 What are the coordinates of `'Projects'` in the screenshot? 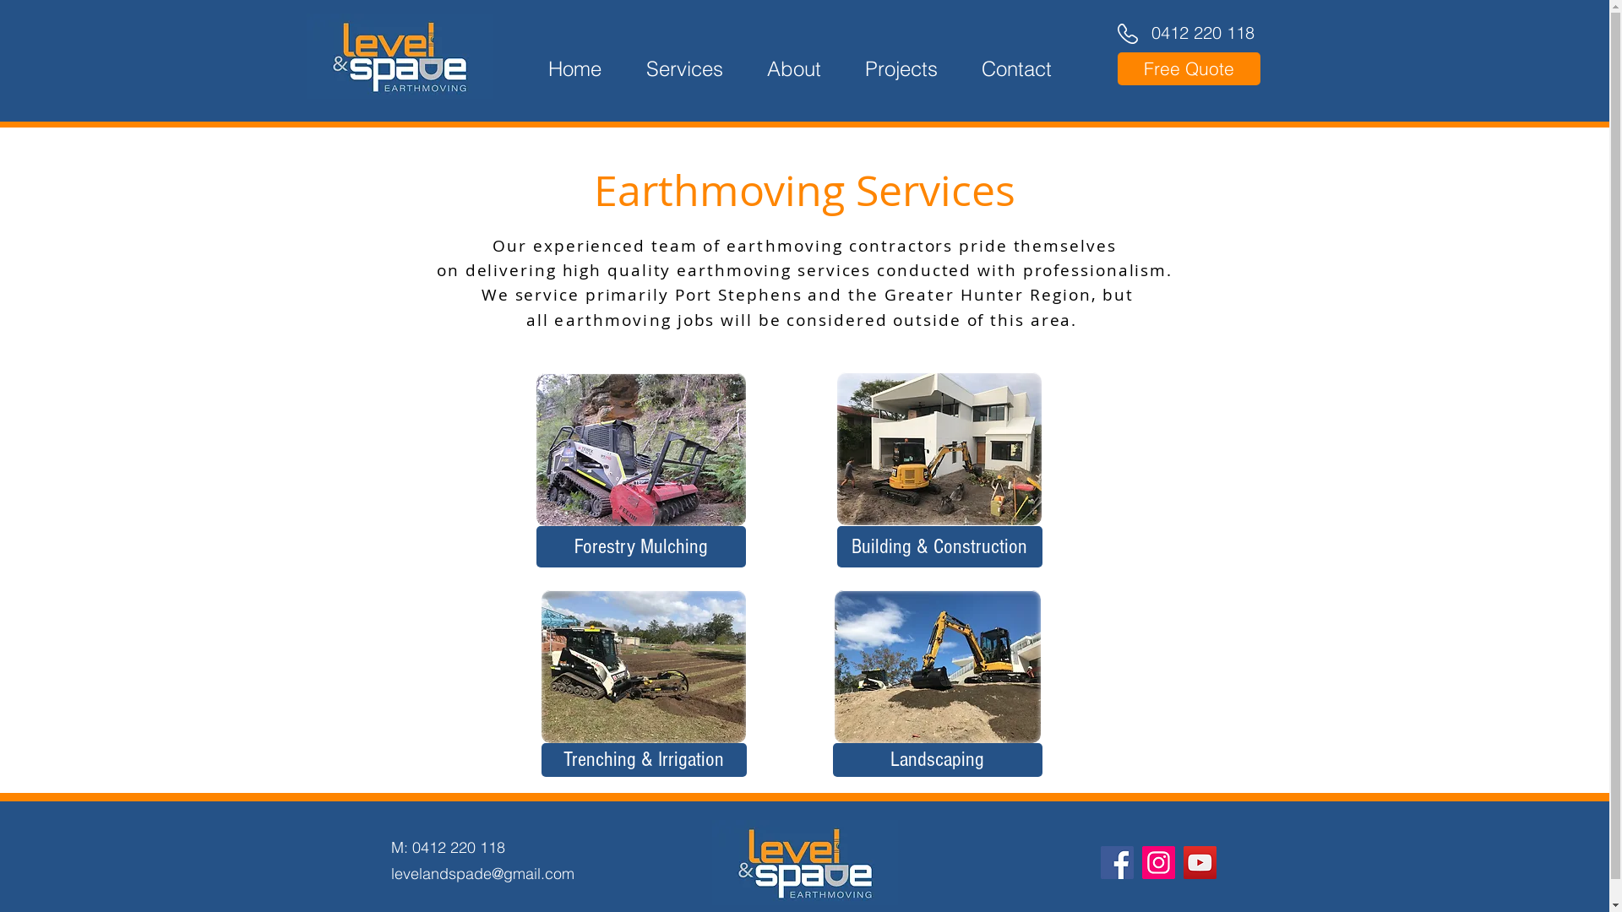 It's located at (899, 68).